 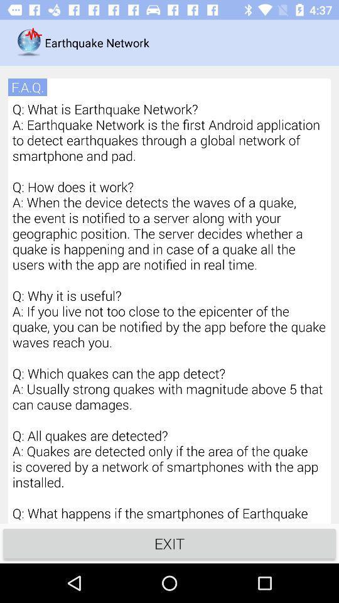 I want to click on the icon at the center, so click(x=169, y=311).